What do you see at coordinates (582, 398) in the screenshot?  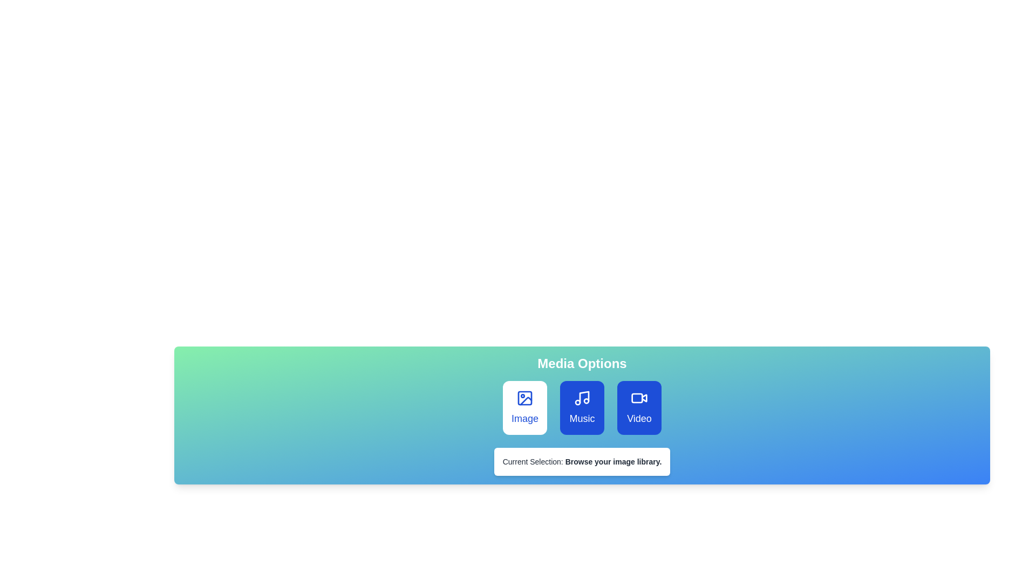 I see `the decorative 'Music' icon, which is centrally located within the media options group, positioned to the right of the 'Image' option and to the left of the 'Video' option` at bounding box center [582, 398].